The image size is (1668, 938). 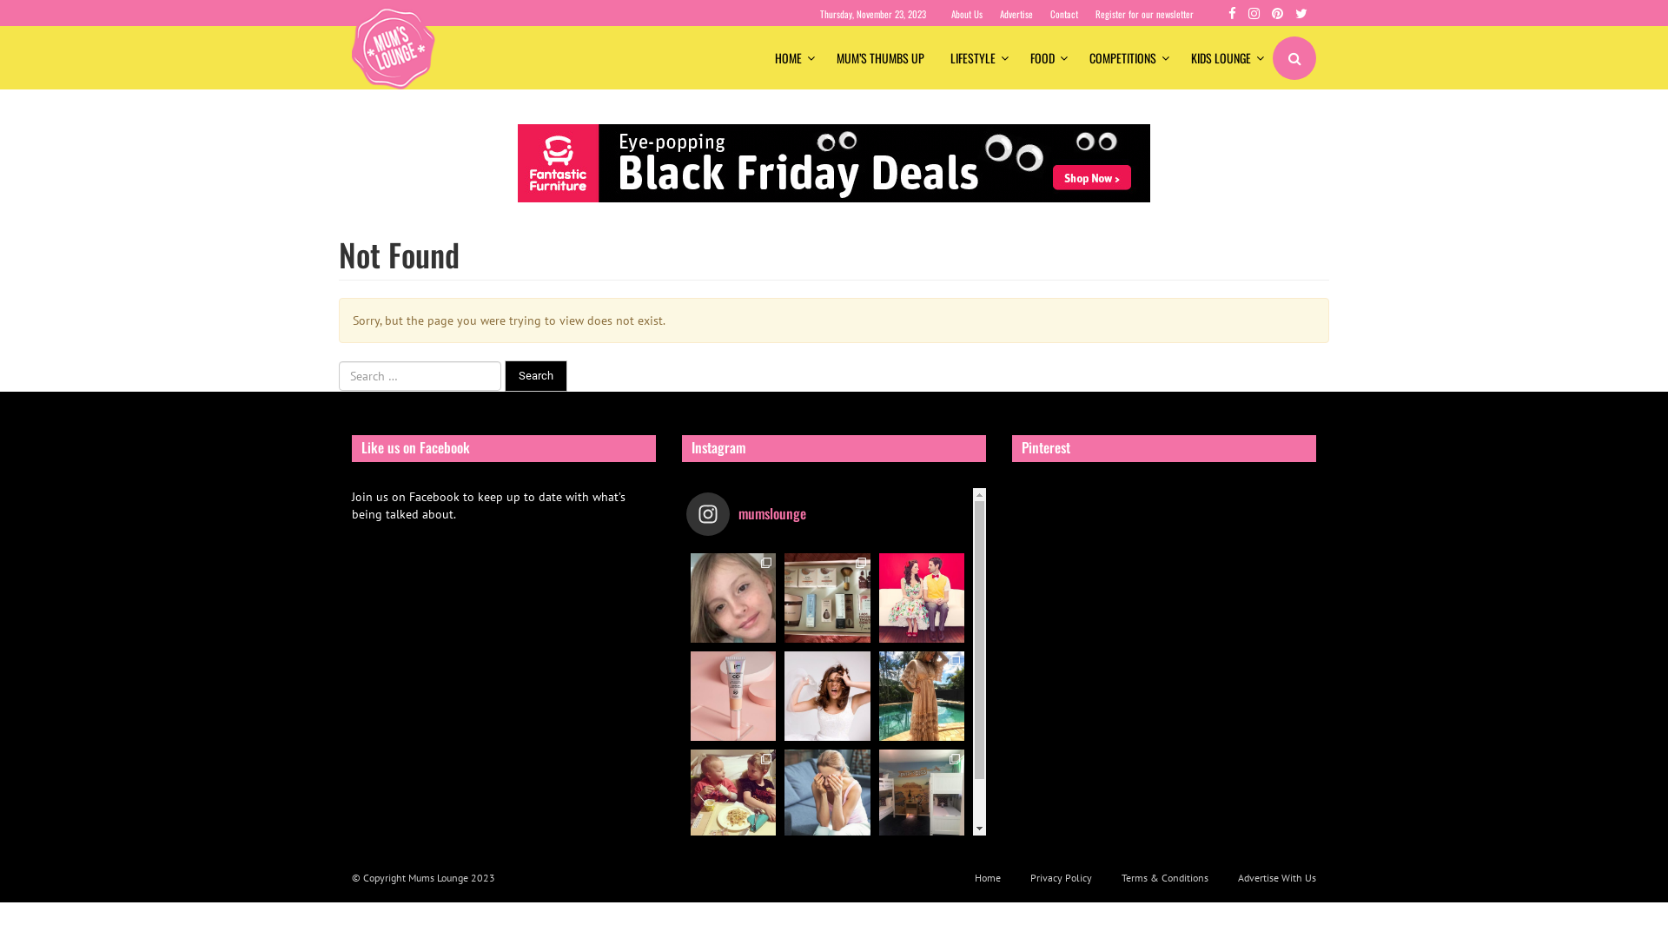 What do you see at coordinates (733, 597) in the screenshot?
I see `'~ TOURETTES SYNDROME AWARENESS WEEK ~ 11 year old'` at bounding box center [733, 597].